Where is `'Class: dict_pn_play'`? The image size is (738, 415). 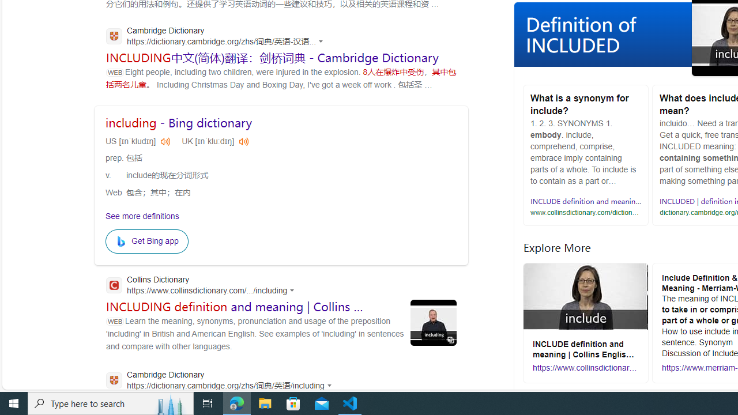
'Class: dict_pn_play' is located at coordinates (242, 140).